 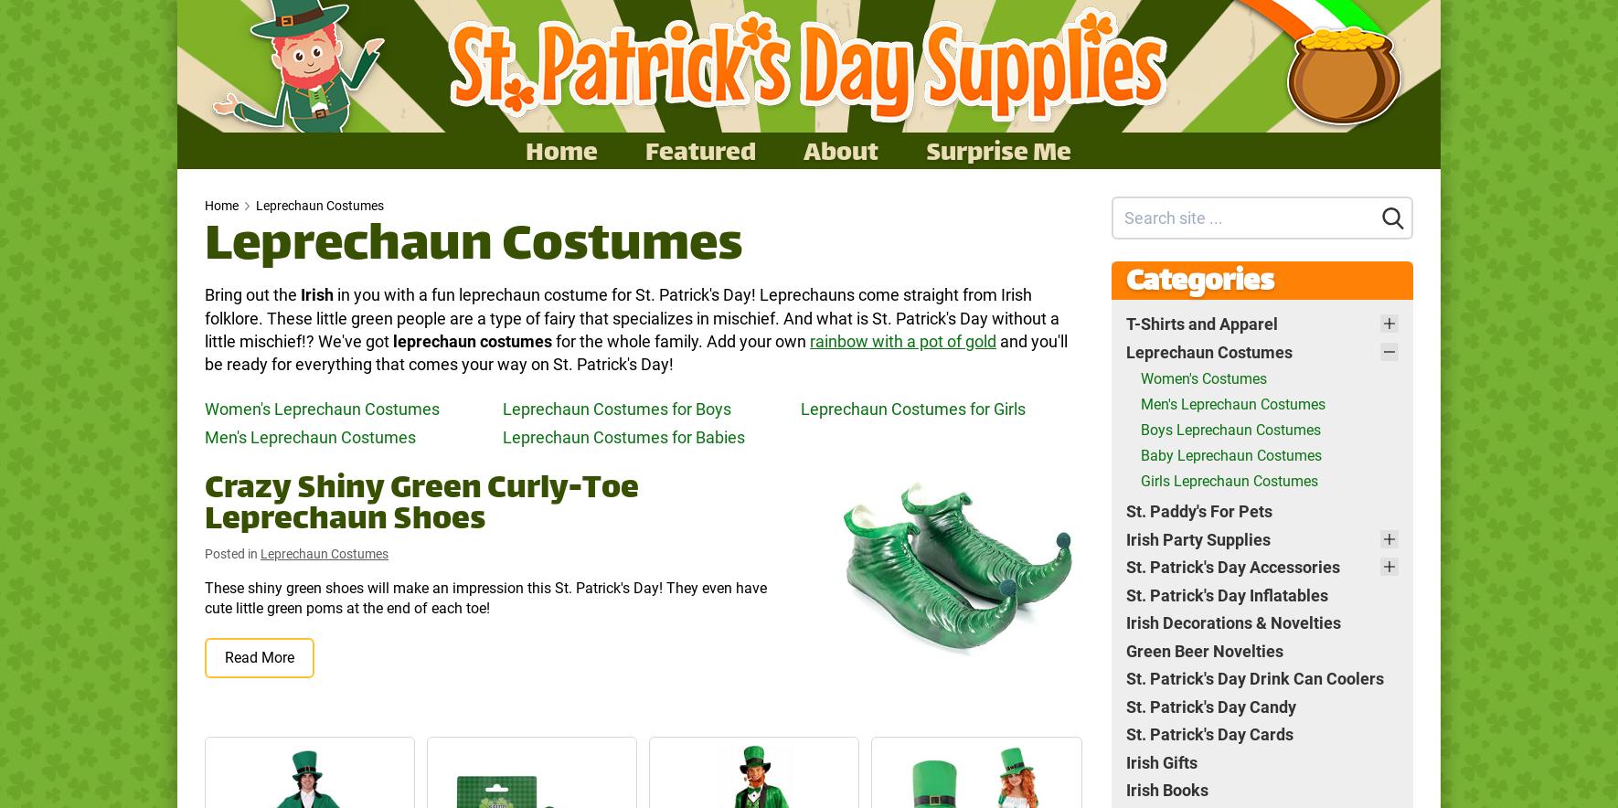 I want to click on 'leprechaun costumes', so click(x=473, y=340).